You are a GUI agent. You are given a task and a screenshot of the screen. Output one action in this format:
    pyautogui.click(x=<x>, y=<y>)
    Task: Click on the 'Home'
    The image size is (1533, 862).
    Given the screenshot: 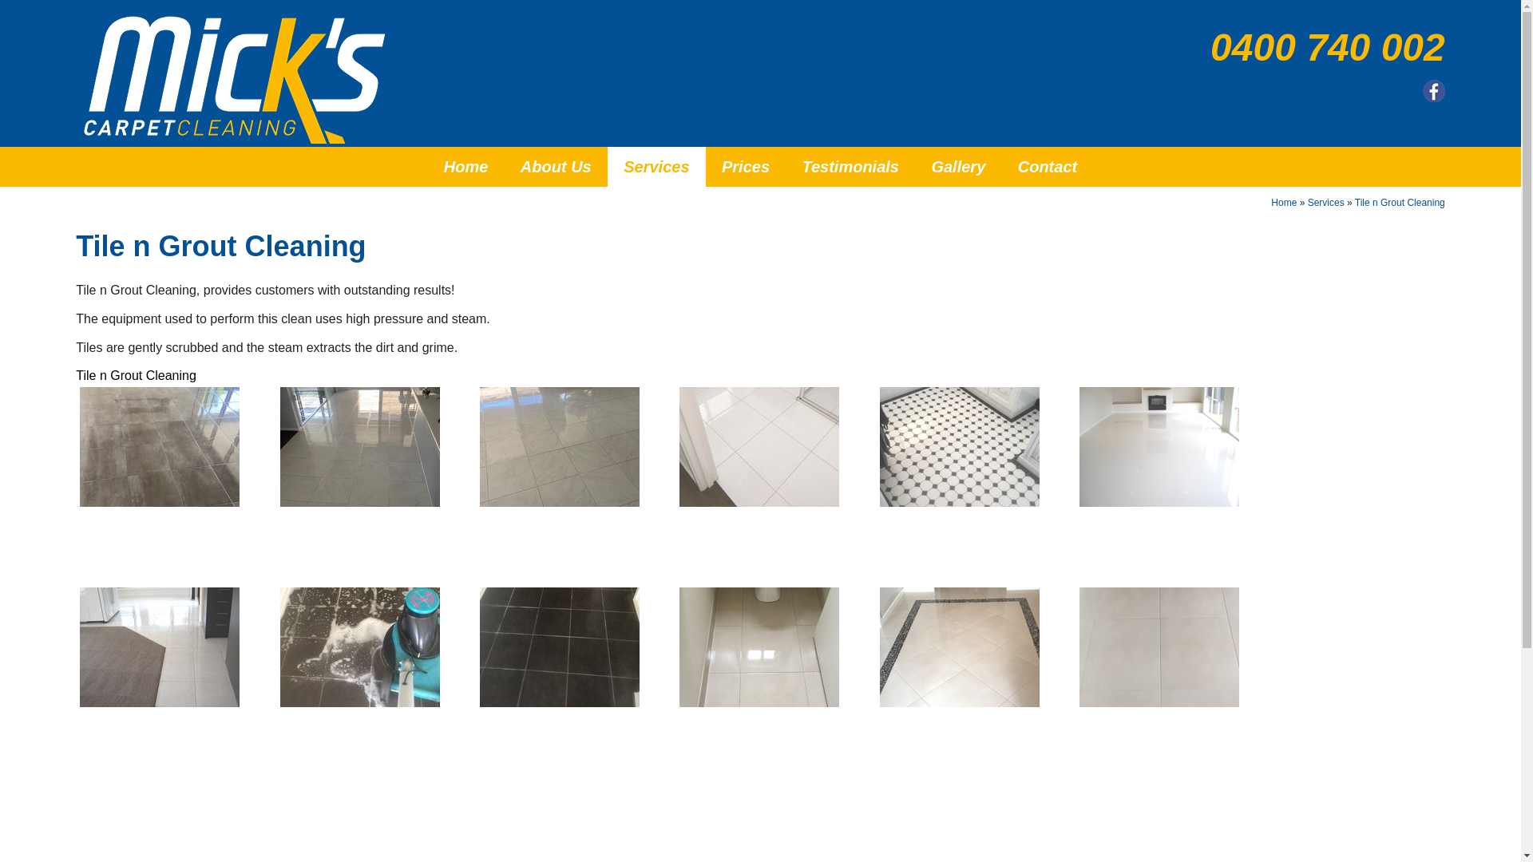 What is the action you would take?
    pyautogui.click(x=1284, y=202)
    